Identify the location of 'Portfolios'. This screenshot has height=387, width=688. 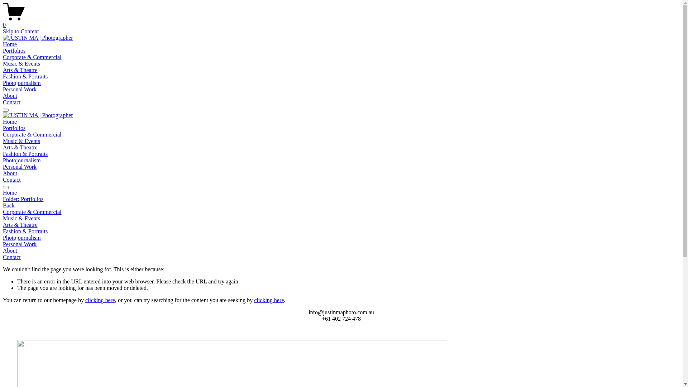
(14, 128).